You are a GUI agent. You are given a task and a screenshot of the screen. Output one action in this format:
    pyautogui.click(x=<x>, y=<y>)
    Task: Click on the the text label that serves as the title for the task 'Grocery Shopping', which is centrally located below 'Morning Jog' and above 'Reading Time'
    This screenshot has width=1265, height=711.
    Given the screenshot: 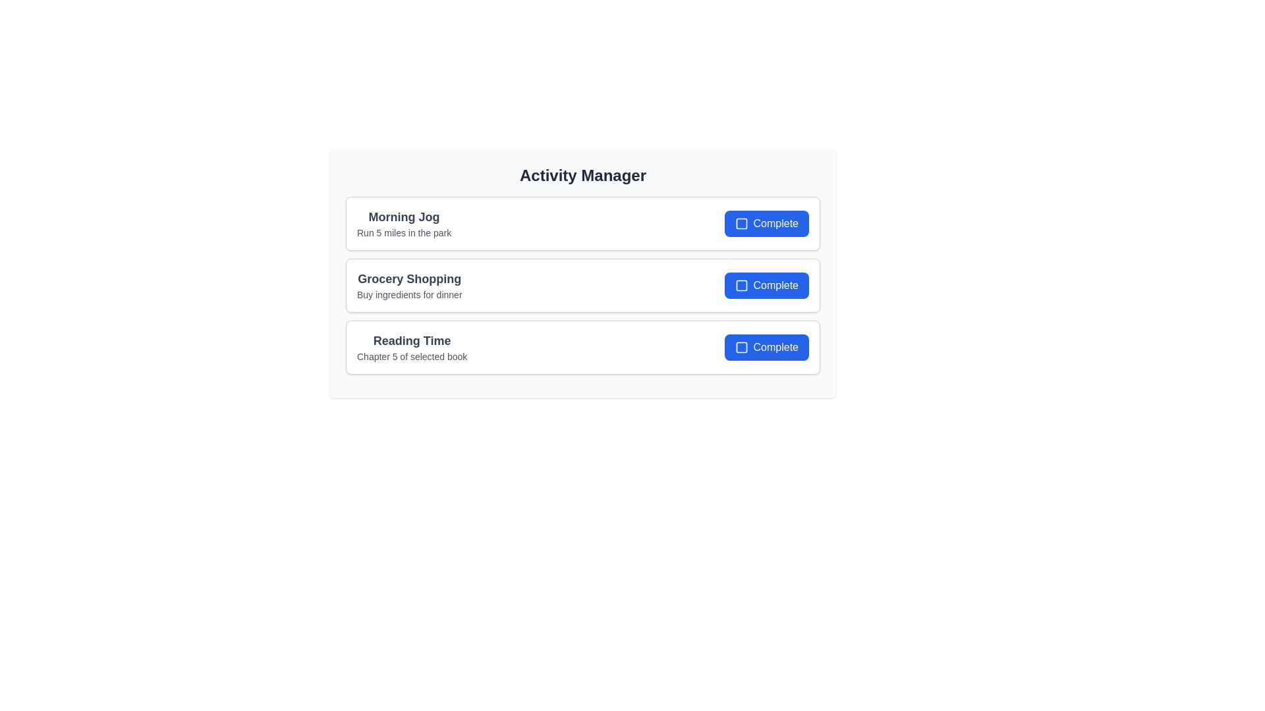 What is the action you would take?
    pyautogui.click(x=408, y=278)
    